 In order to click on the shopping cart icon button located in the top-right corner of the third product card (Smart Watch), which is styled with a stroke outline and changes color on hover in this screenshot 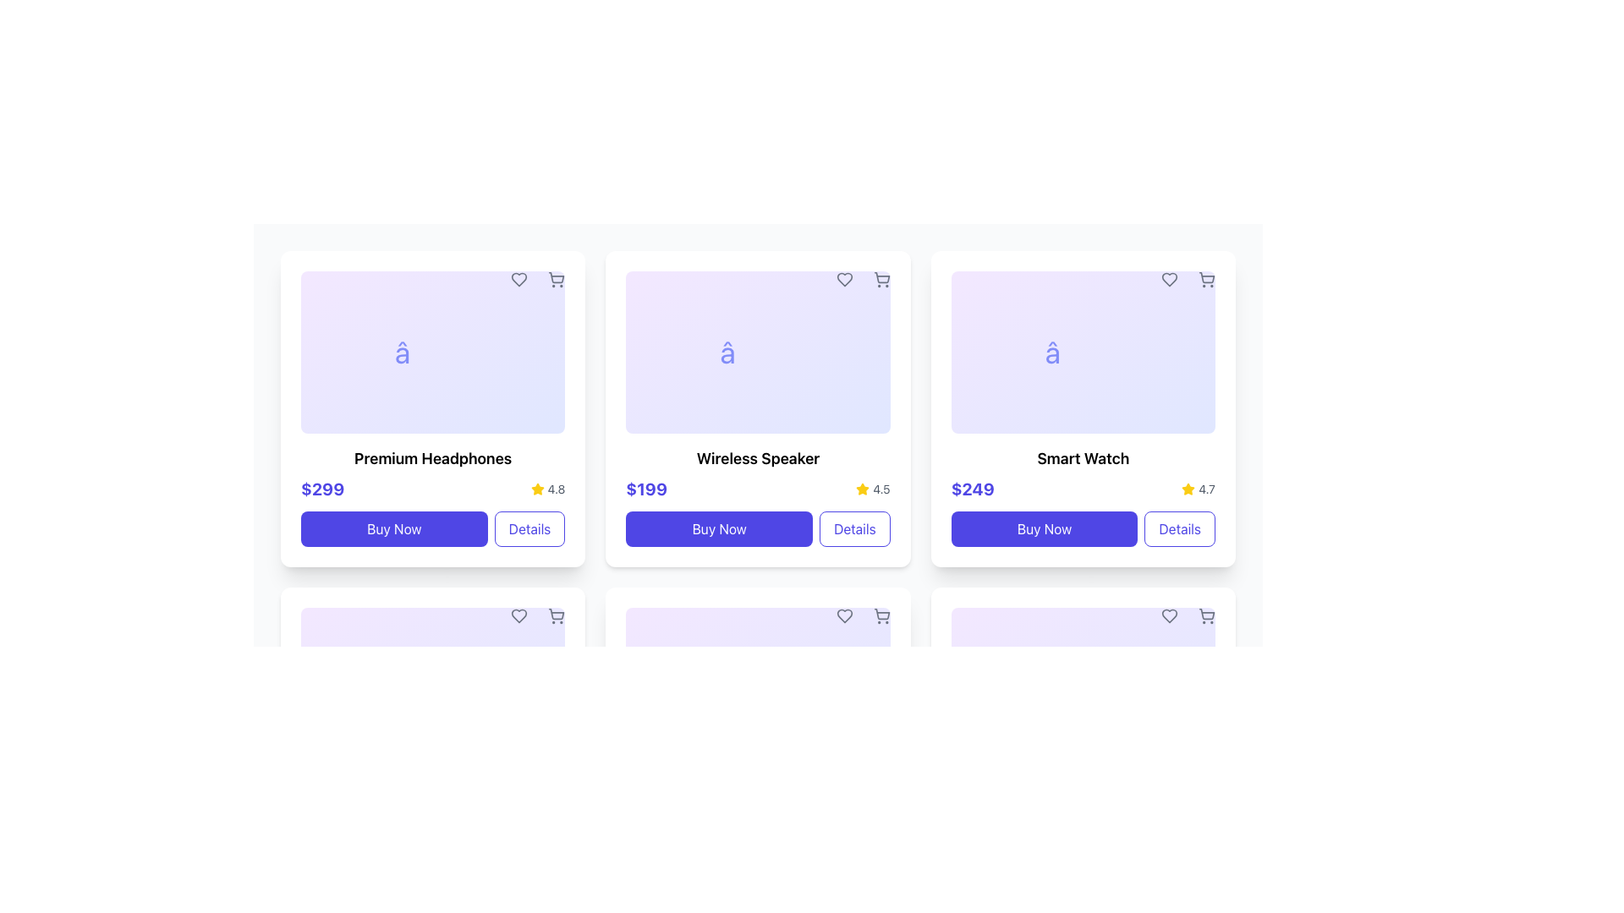, I will do `click(1205, 279)`.